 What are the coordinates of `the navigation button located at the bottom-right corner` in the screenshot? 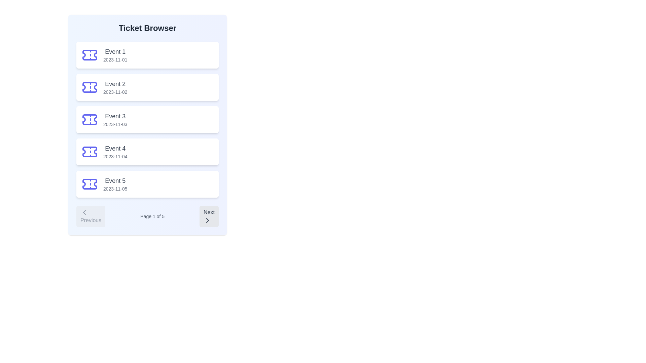 It's located at (209, 216).